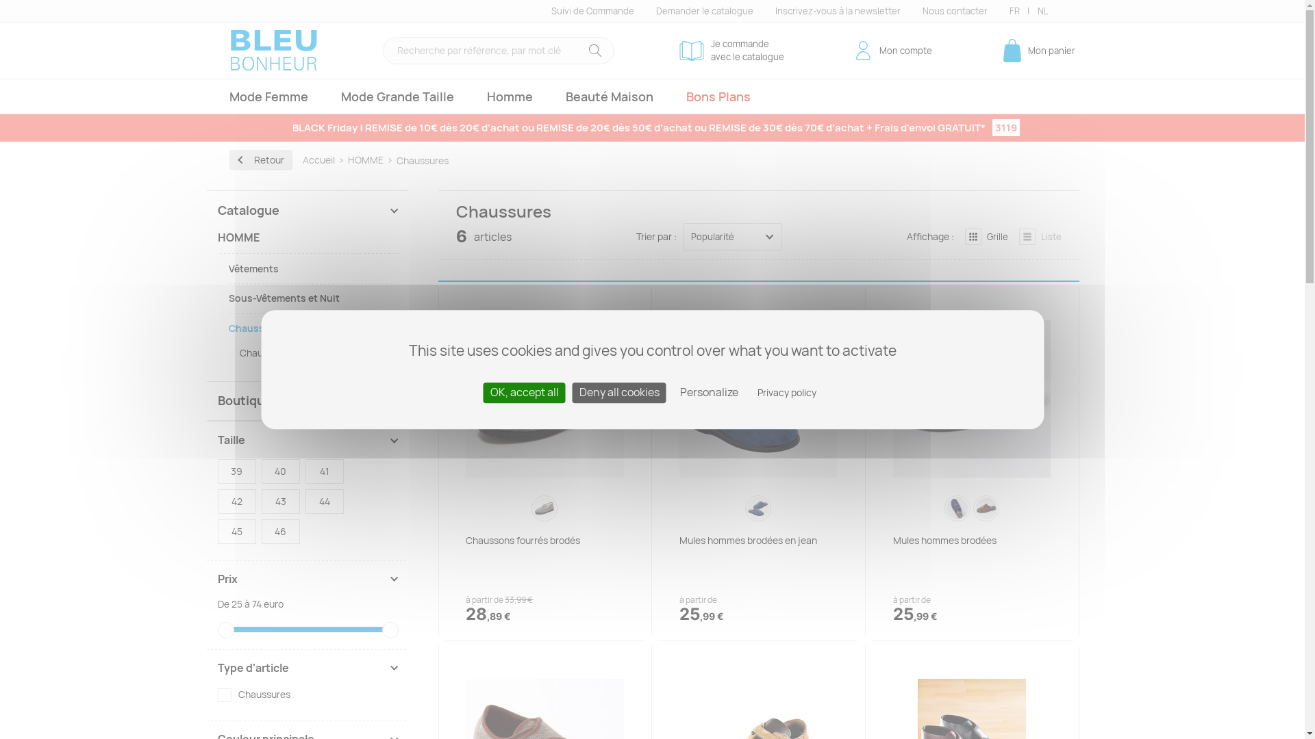 This screenshot has width=1315, height=739. Describe the element at coordinates (324, 501) in the screenshot. I see `'44'` at that location.